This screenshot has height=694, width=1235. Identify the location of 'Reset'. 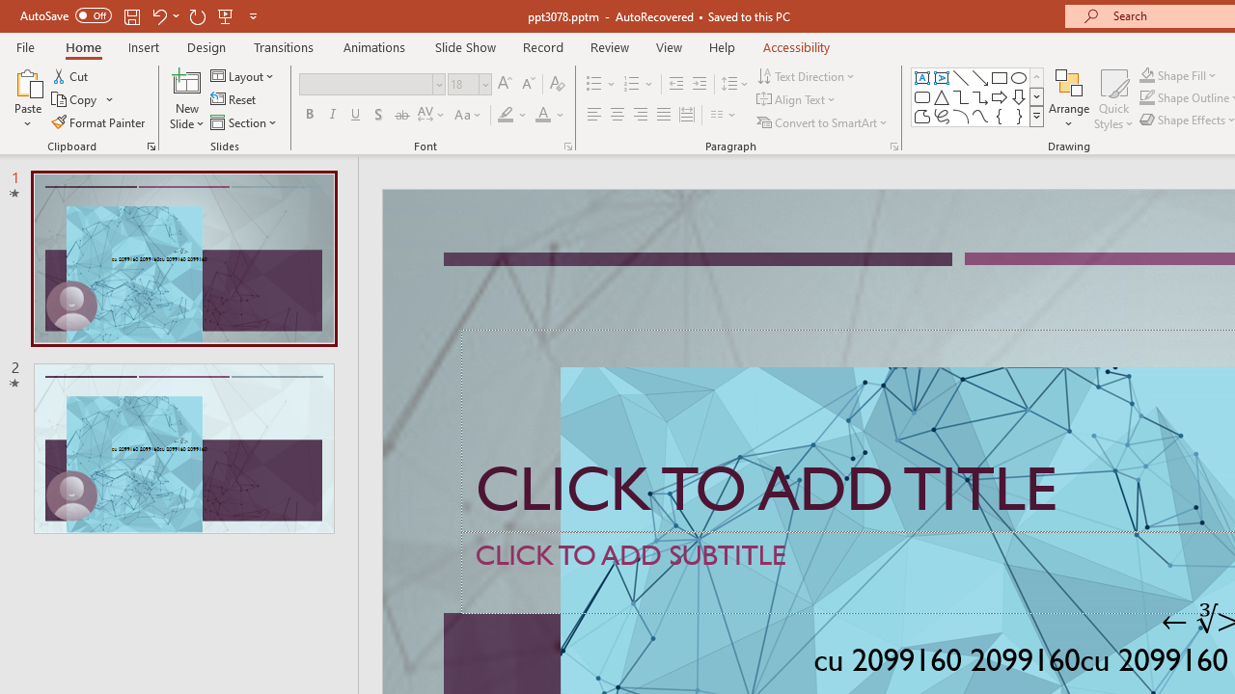
(233, 99).